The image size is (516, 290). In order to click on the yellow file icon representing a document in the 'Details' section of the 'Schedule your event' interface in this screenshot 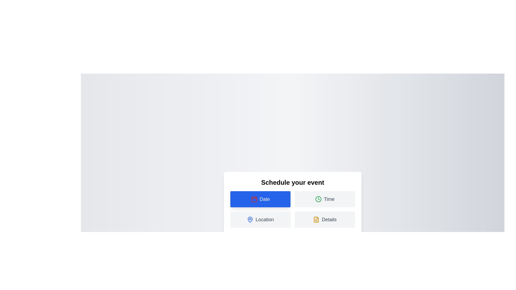, I will do `click(316, 219)`.